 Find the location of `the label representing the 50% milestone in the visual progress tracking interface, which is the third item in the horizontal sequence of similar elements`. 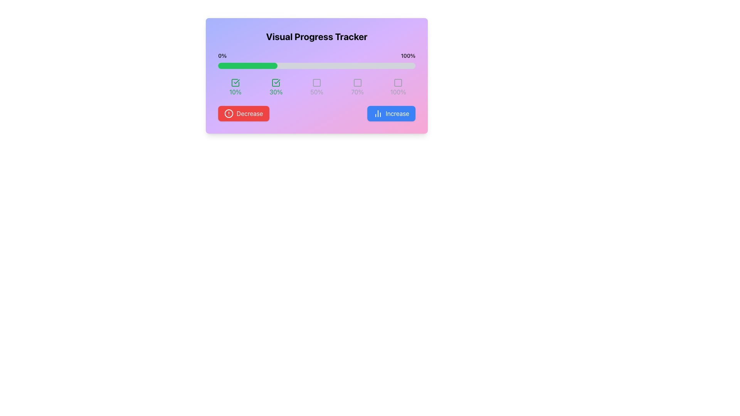

the label representing the 50% milestone in the visual progress tracking interface, which is the third item in the horizontal sequence of similar elements is located at coordinates (316, 92).